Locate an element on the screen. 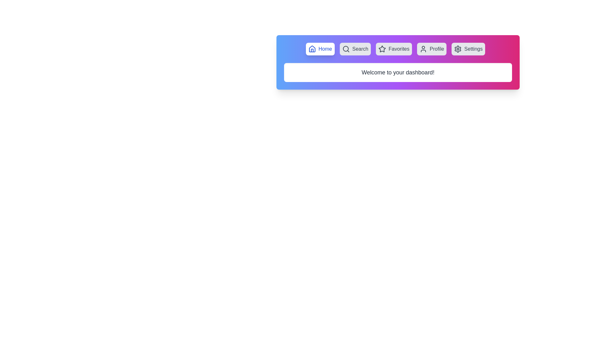  the navigation buttons in the Header Section, which features a gradient background and includes buttons for Home, Search, Favorites, Profile, and Settings is located at coordinates (398, 62).